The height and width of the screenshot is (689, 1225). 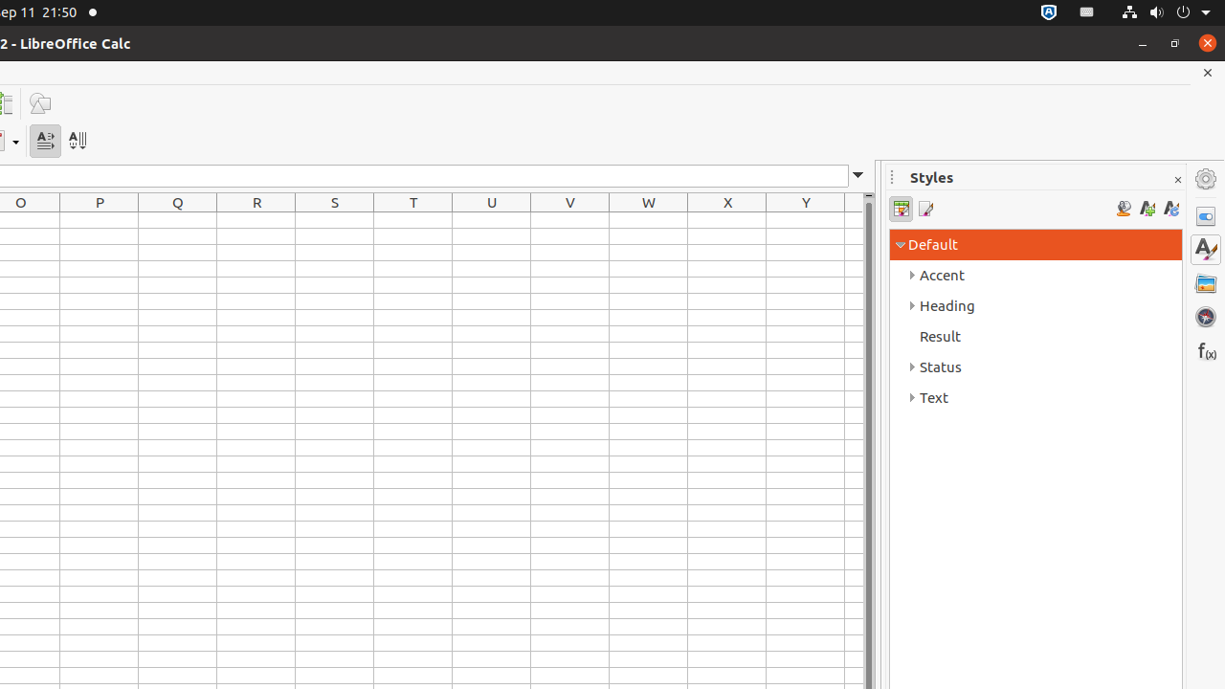 I want to click on 'S1', so click(x=334, y=219).